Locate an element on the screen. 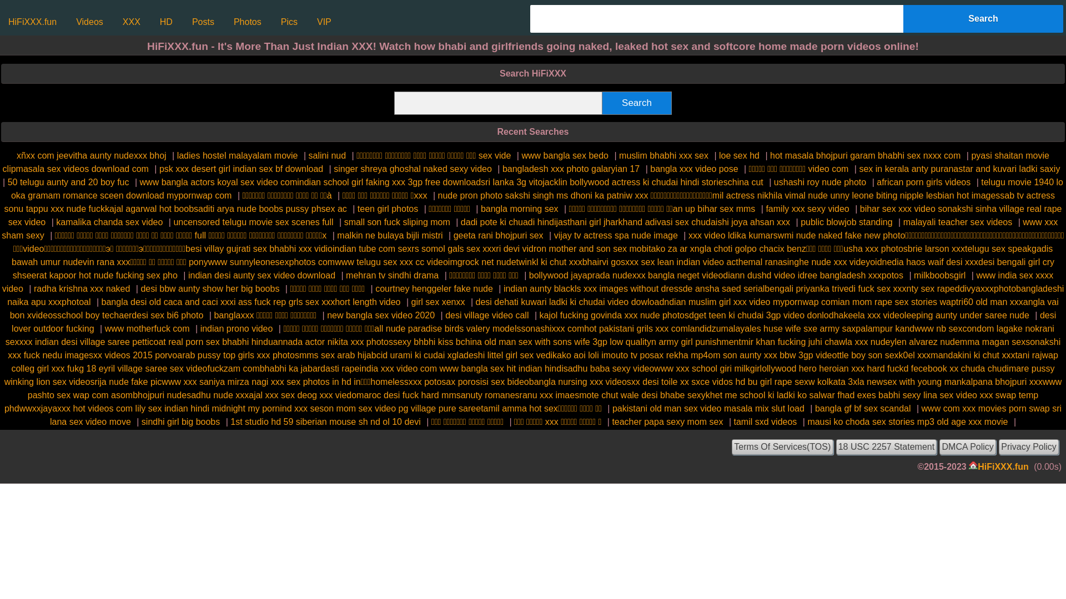 The width and height of the screenshot is (1066, 599). 'kamalika chanda sex video' is located at coordinates (55, 222).